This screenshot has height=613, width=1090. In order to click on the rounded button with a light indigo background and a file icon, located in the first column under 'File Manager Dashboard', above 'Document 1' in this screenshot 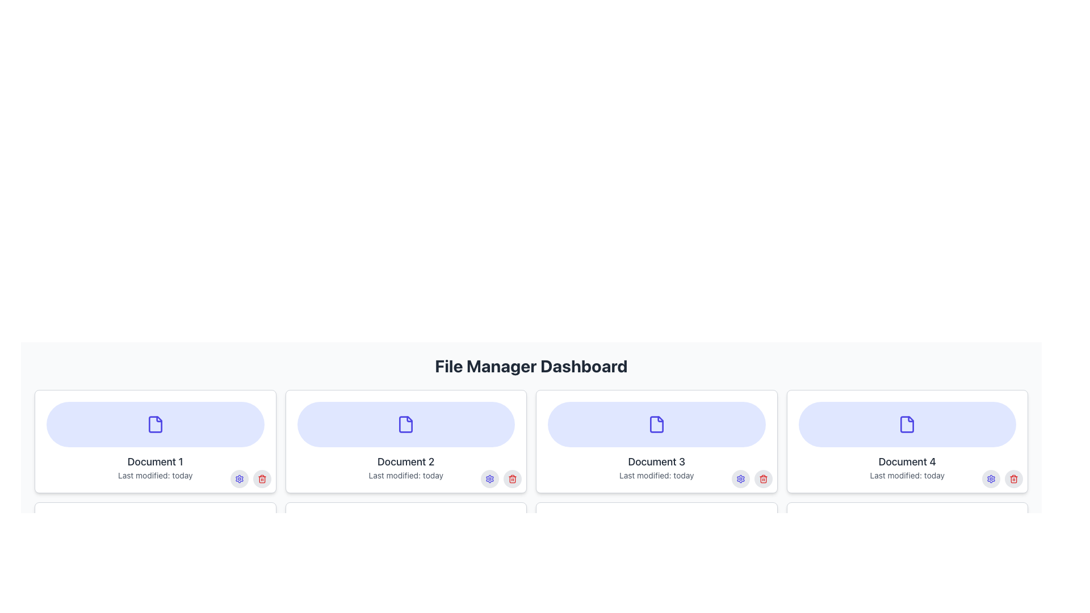, I will do `click(154, 425)`.